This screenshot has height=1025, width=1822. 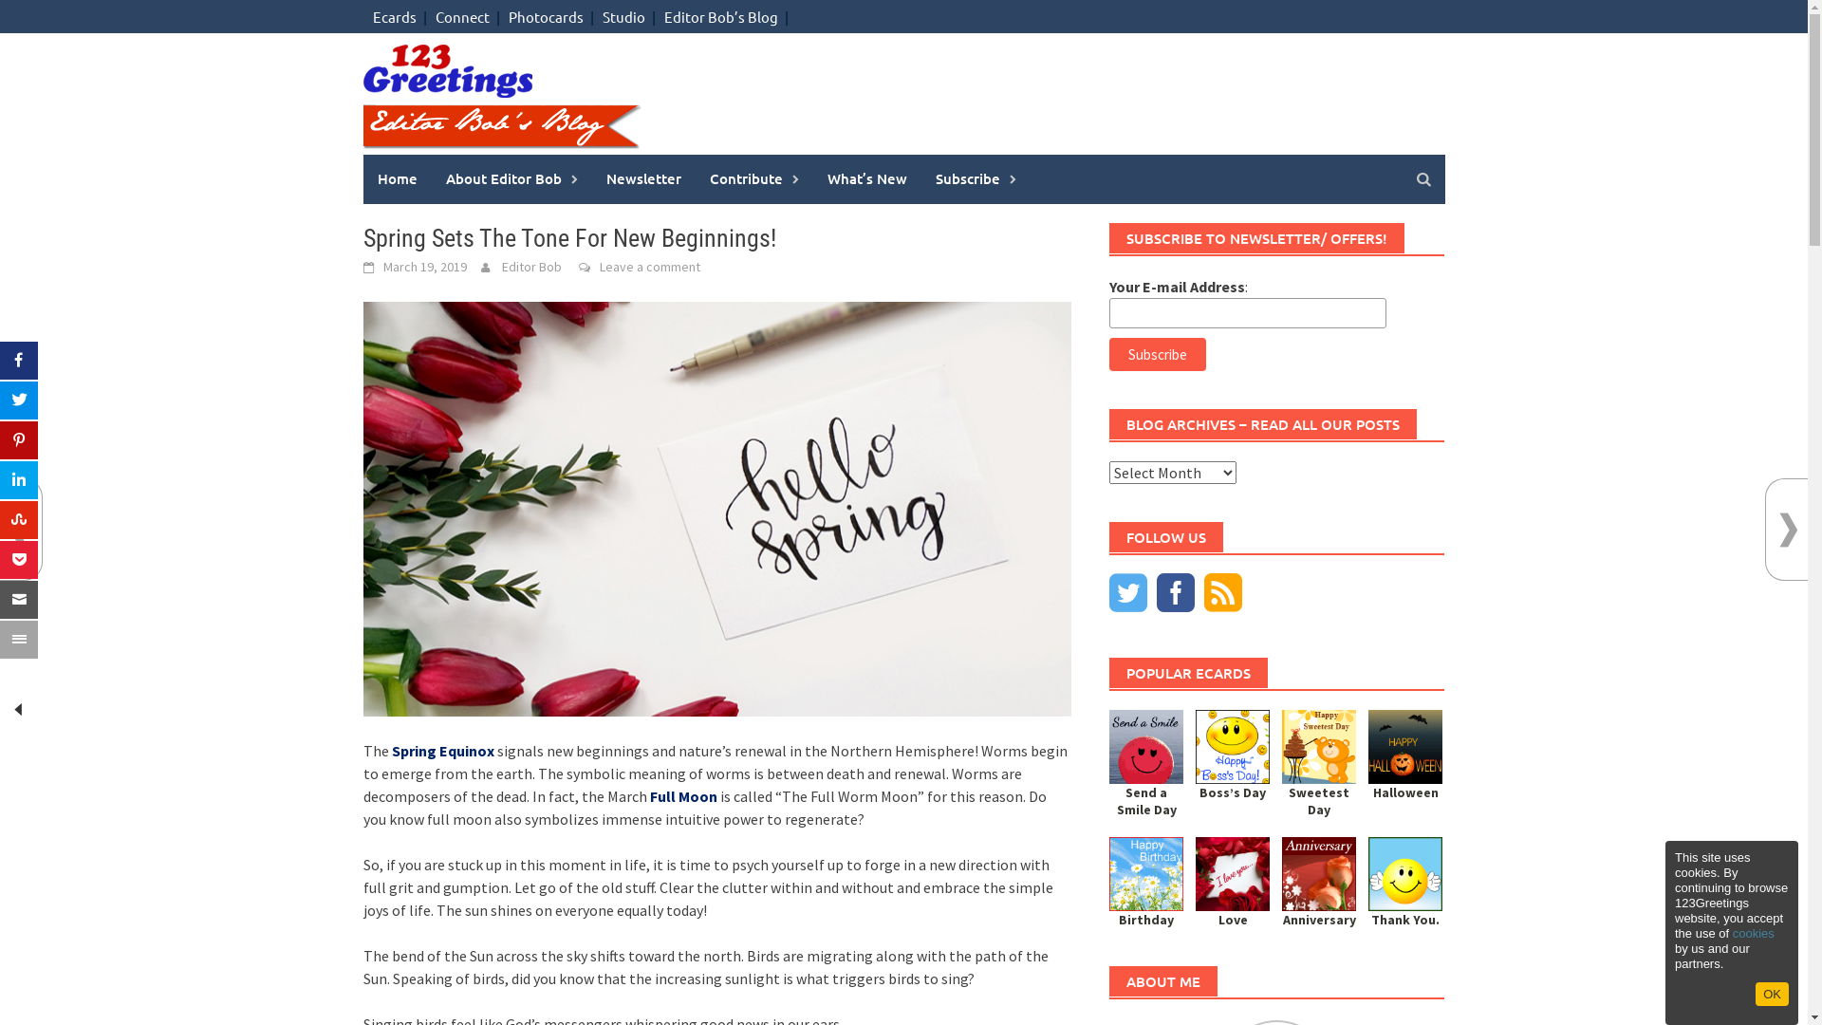 What do you see at coordinates (682, 796) in the screenshot?
I see `'Full Moon'` at bounding box center [682, 796].